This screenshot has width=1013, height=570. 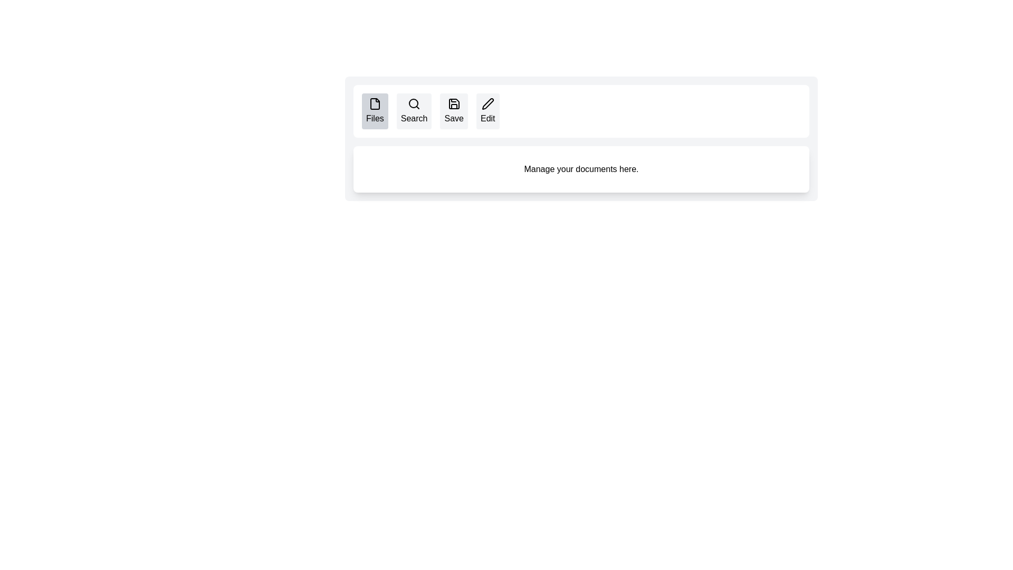 I want to click on the button labeled Edit to observe its hover effect, so click(x=488, y=111).